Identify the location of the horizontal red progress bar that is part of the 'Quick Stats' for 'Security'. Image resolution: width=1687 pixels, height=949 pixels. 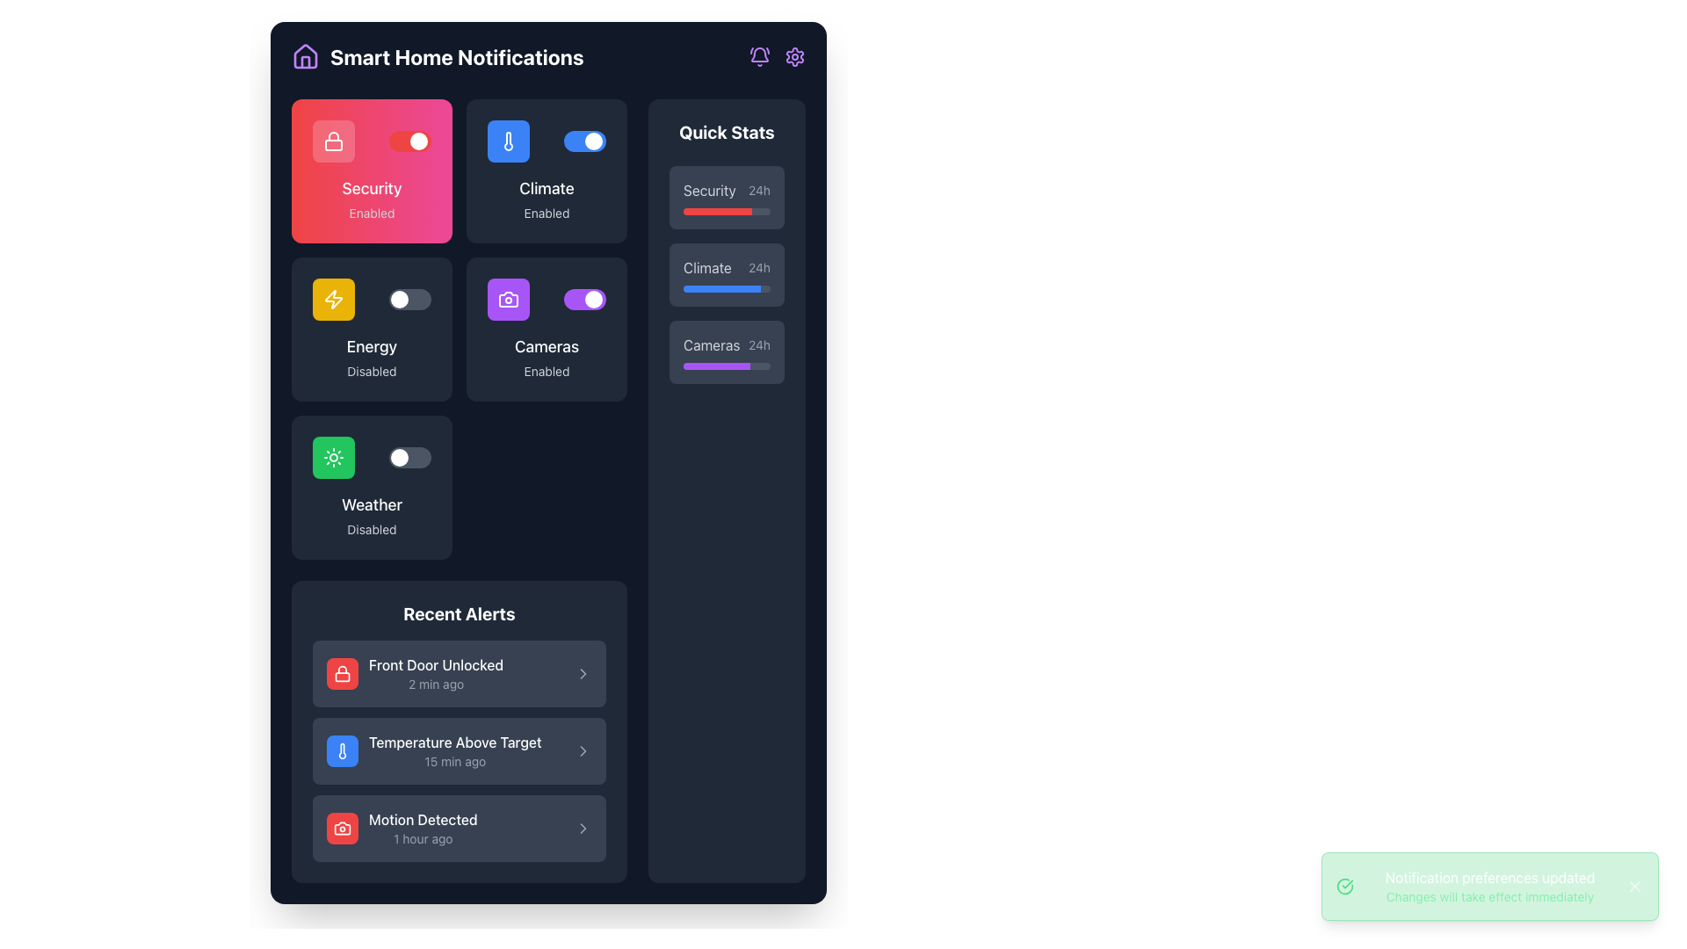
(718, 210).